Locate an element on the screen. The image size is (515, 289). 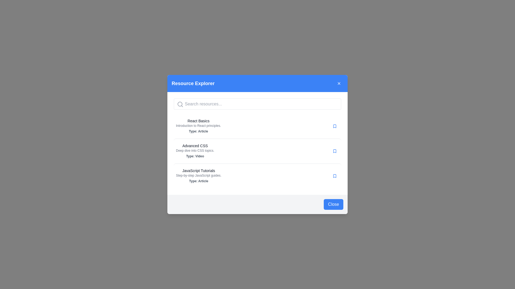
the JavaScript tutorials list item is located at coordinates (257, 176).